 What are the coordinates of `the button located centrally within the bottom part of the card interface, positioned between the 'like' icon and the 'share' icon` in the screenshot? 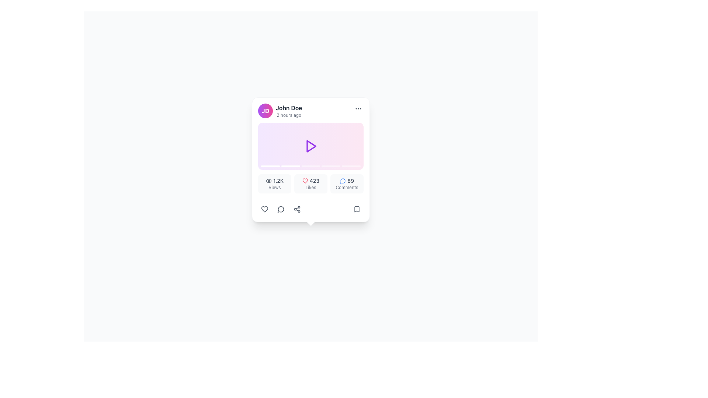 It's located at (281, 209).